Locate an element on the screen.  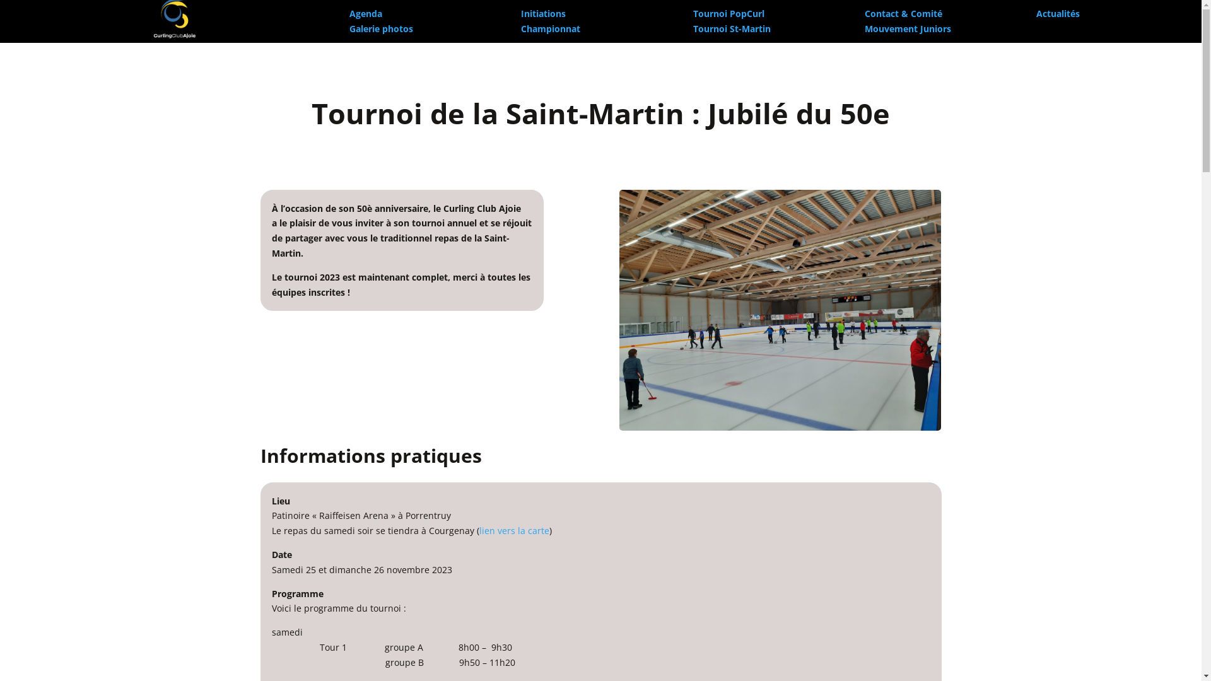
'Championnat' is located at coordinates (551, 28).